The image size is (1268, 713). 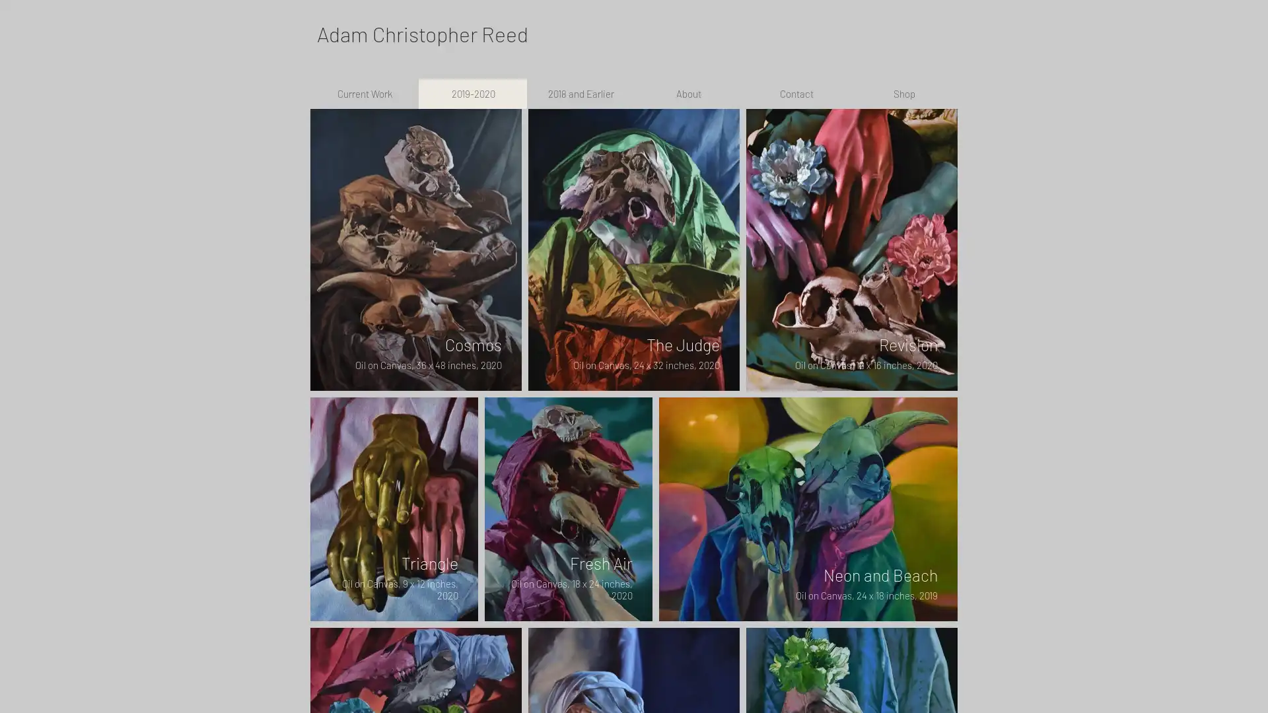 I want to click on Neon and Beach, so click(x=808, y=508).